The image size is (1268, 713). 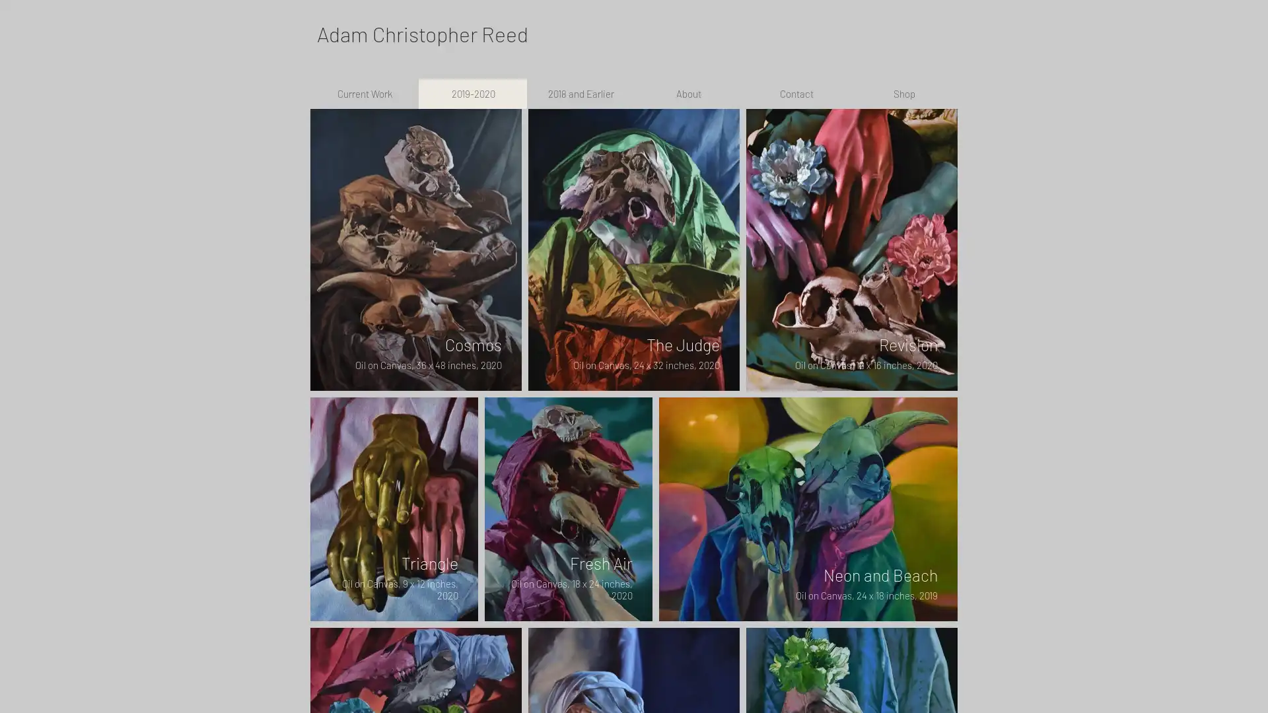 I want to click on Neon and Beach, so click(x=808, y=508).